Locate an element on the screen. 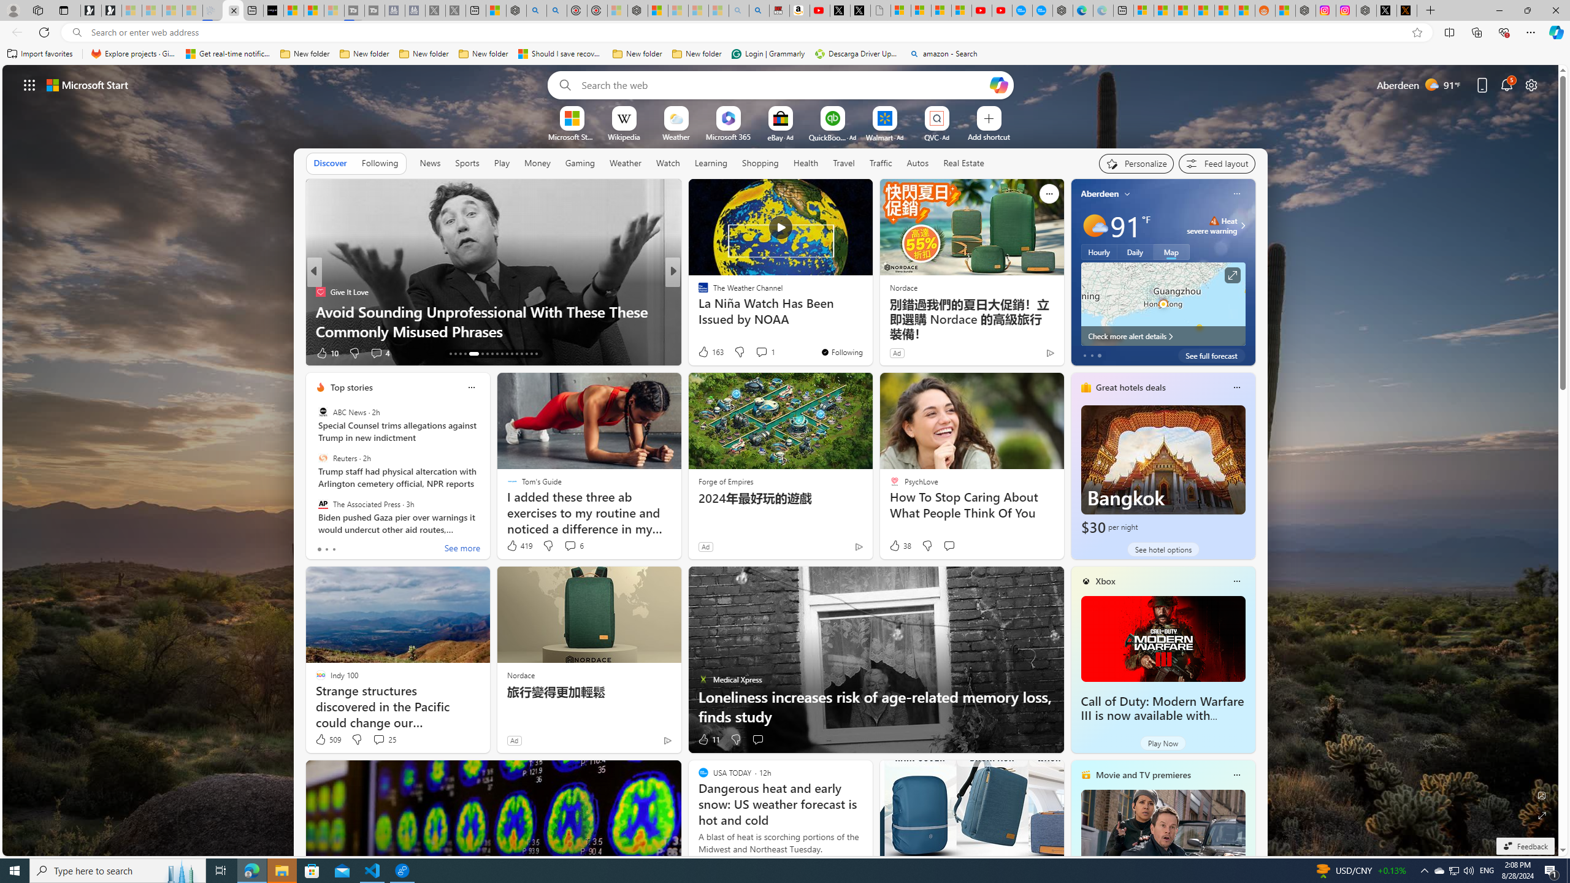  'Top stories' is located at coordinates (351, 387).